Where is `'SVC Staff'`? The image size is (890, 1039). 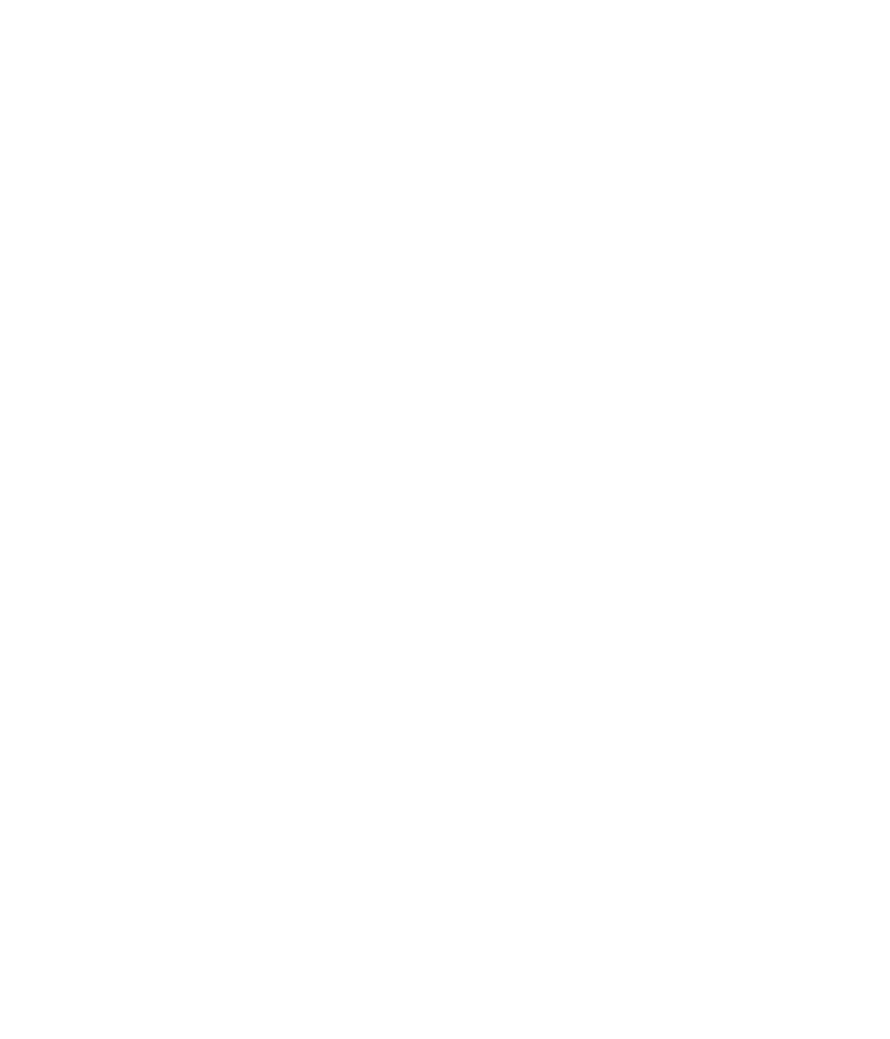 'SVC Staff' is located at coordinates (128, 22).